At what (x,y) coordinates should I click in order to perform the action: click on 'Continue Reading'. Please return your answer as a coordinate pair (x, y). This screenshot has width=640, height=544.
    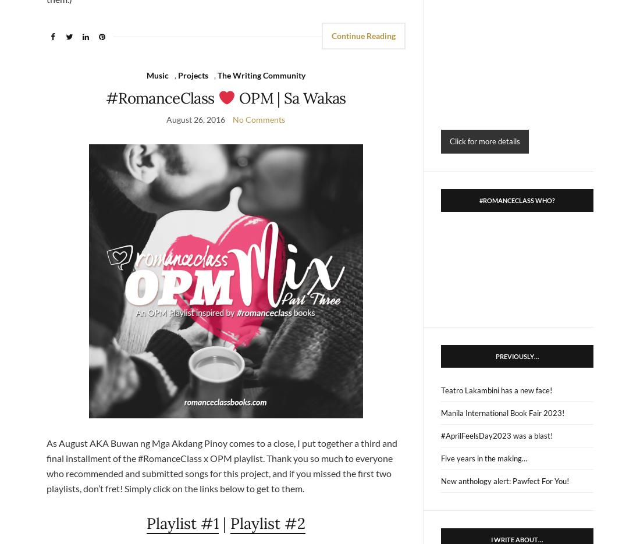
    Looking at the image, I should click on (363, 35).